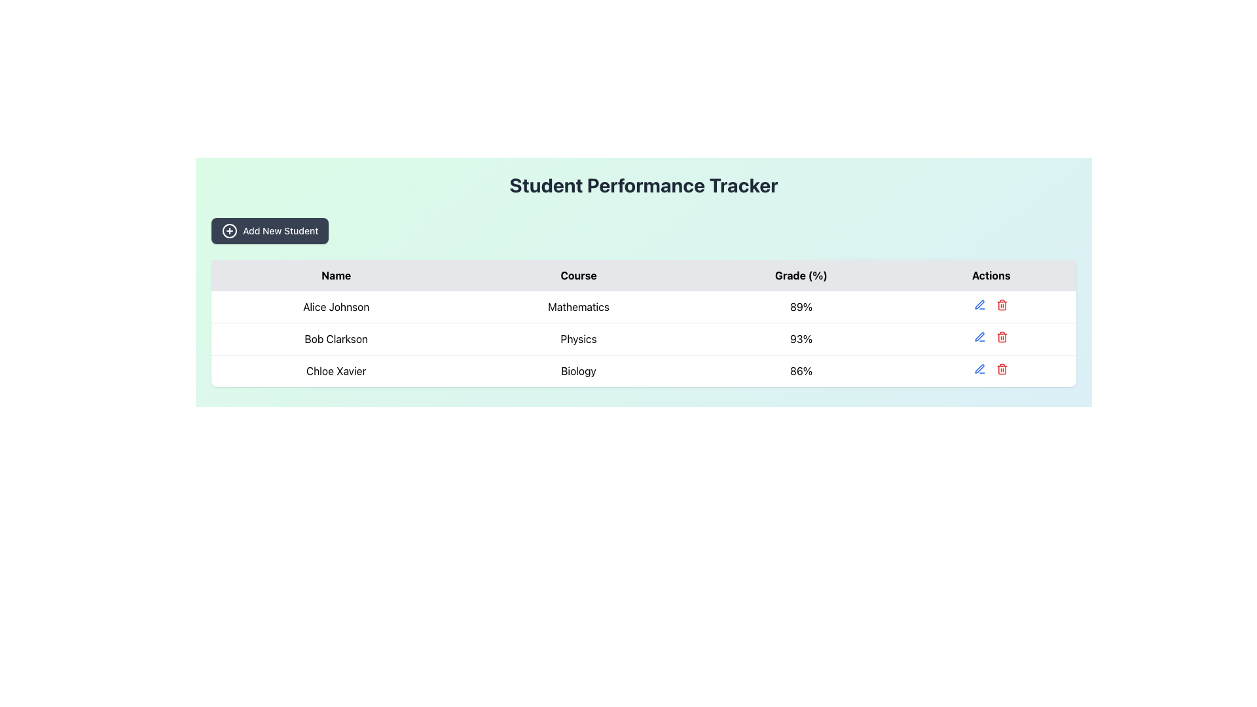 This screenshot has height=707, width=1257. I want to click on the 'Add New Student' button, which has a dark gray background and white text, so click(269, 230).